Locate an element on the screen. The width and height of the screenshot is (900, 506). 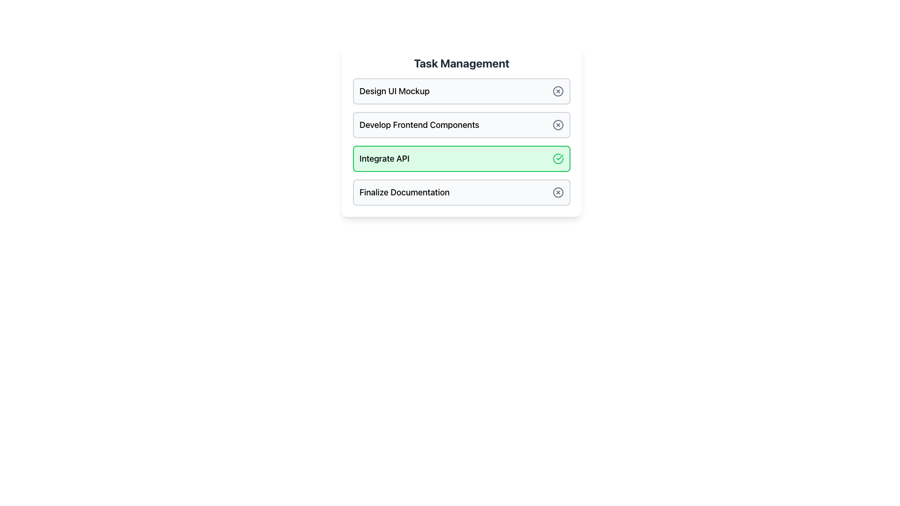
the text label indicating the task name, which is the third item in a list of task items, located inside a green-highlighted rectangular box is located at coordinates (384, 158).